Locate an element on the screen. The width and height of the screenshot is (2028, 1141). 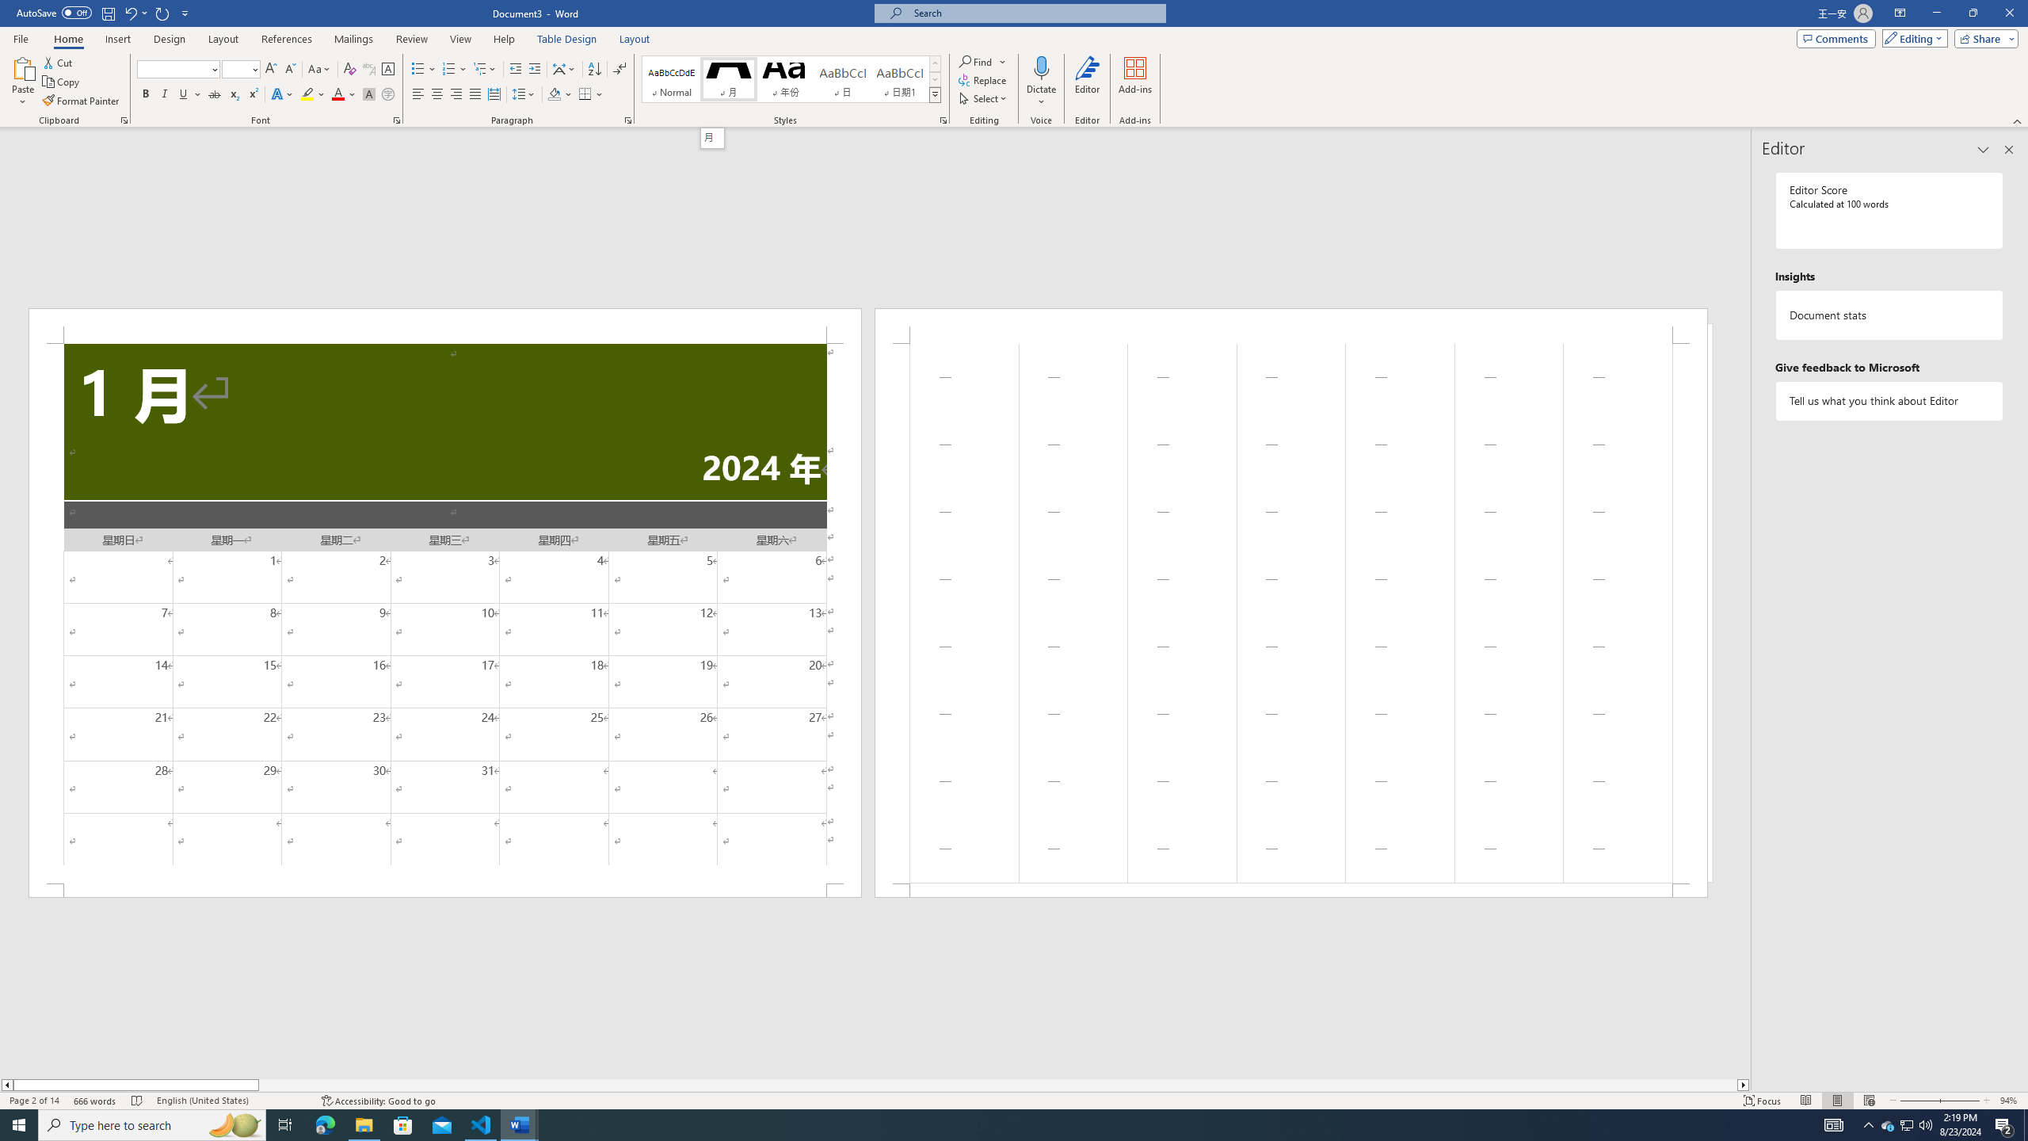
'Copy' is located at coordinates (62, 82).